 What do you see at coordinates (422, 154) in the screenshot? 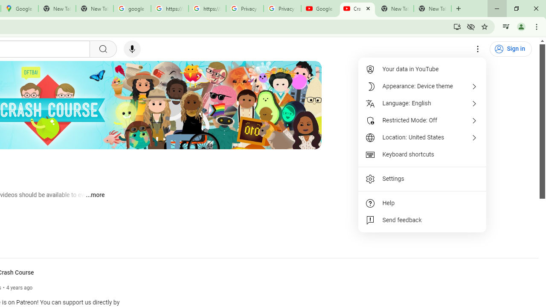
I see `'Keyboard shortcuts'` at bounding box center [422, 154].